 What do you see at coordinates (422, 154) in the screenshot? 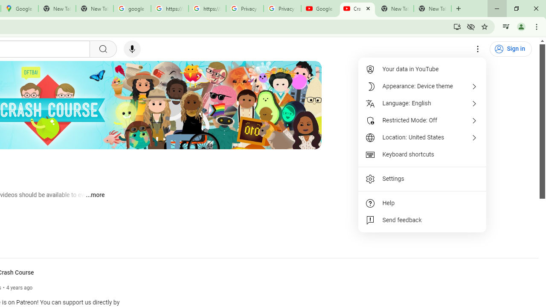
I see `'Keyboard shortcuts'` at bounding box center [422, 154].